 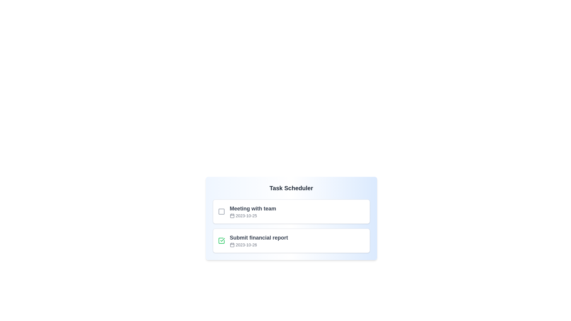 What do you see at coordinates (221, 211) in the screenshot?
I see `the decorative or functional glyph icon located to the left of the task title 'Meeting with Team' in the task scheduler interface` at bounding box center [221, 211].